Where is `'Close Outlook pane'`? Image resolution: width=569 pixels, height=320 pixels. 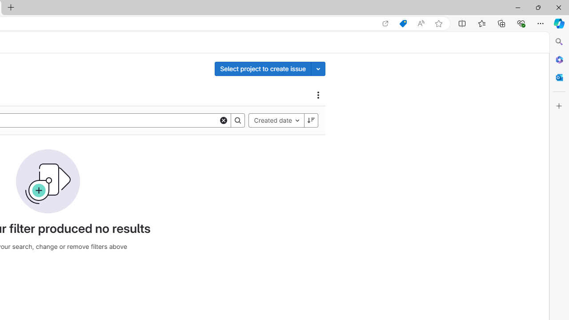
'Close Outlook pane' is located at coordinates (559, 77).